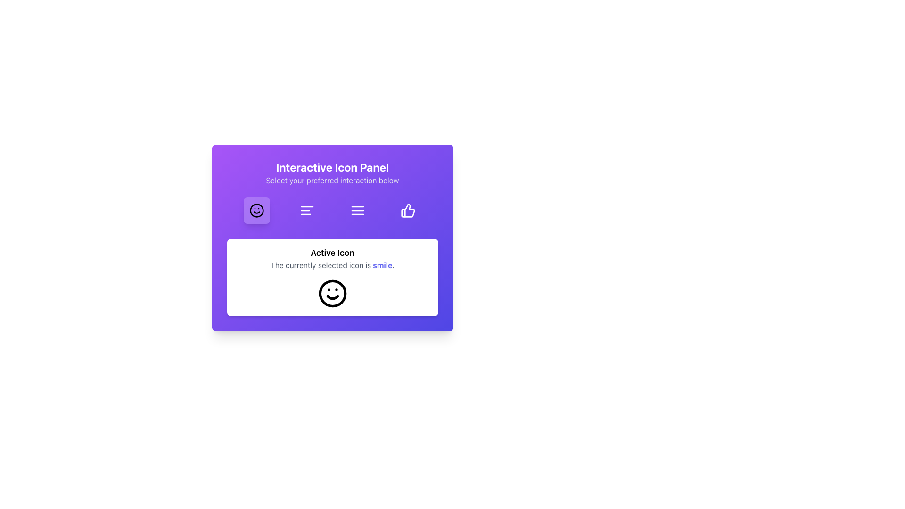 This screenshot has width=905, height=509. Describe the element at coordinates (307, 210) in the screenshot. I see `the alignment-left button, which is a light purple rectangular button with an icon of three horizontal lines, located under the 'Interactive Icon Panel.'` at that location.